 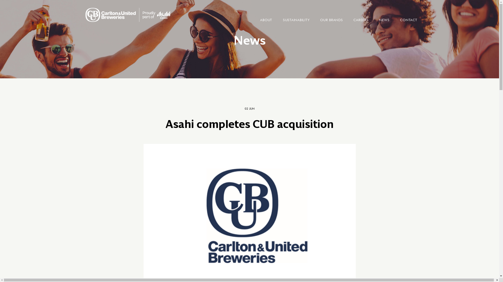 What do you see at coordinates (165, 124) in the screenshot?
I see `'Asahi completes CUB acquisition'` at bounding box center [165, 124].